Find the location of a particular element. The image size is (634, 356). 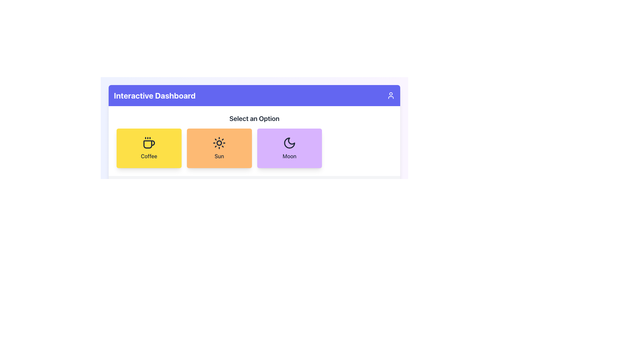

the rounded sun icon styled in a dark color against an orange background, located within the orange tile labeled 'Sun' is located at coordinates (219, 143).